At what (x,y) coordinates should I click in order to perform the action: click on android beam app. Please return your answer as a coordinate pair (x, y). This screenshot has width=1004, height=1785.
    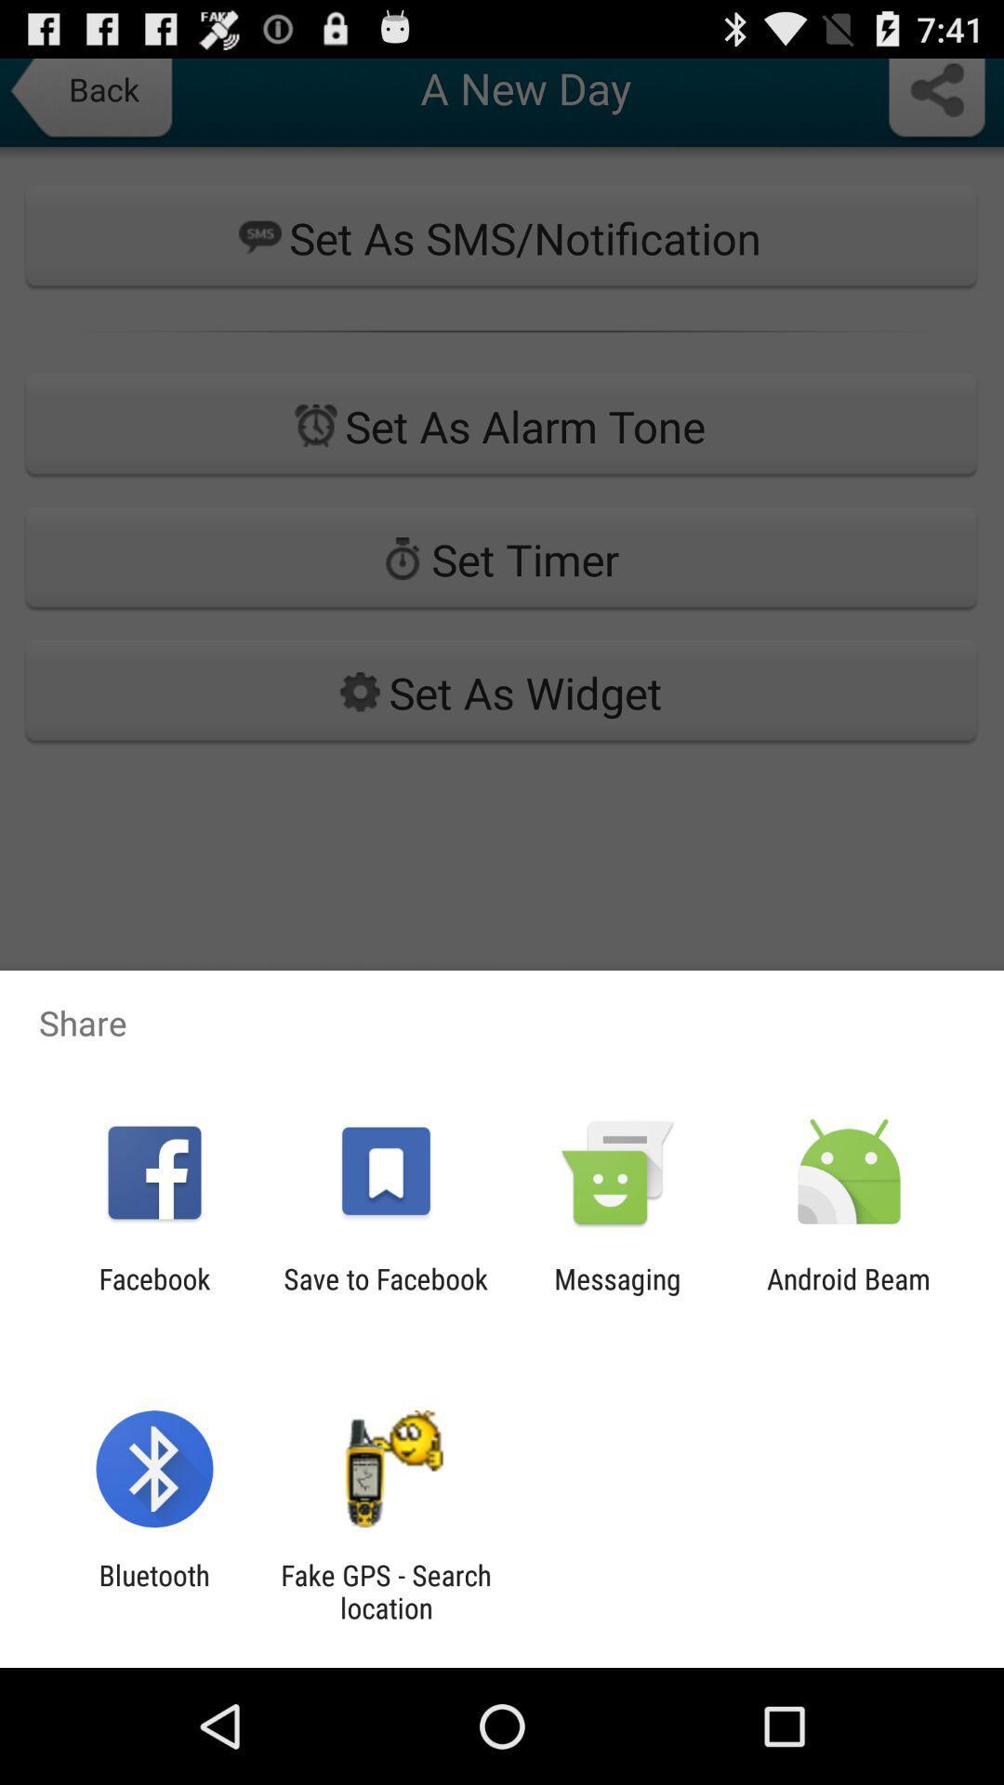
    Looking at the image, I should click on (849, 1294).